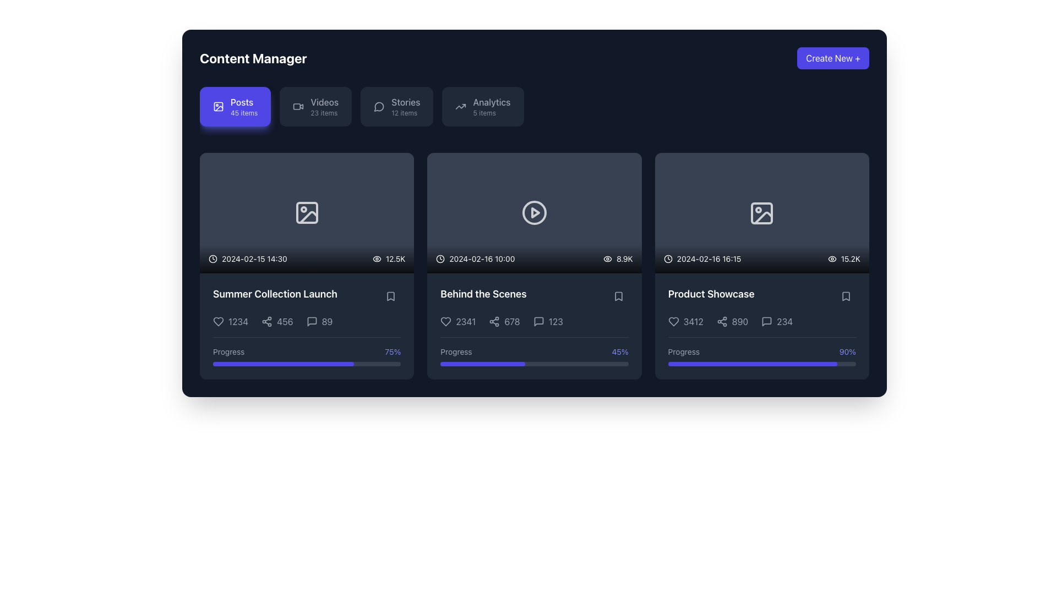  I want to click on the text displaying the number '234' with a speech bubble icon, located at the bottom-right of the 'Product Showcase' card, adjacent to other interaction metrics, so click(776, 322).